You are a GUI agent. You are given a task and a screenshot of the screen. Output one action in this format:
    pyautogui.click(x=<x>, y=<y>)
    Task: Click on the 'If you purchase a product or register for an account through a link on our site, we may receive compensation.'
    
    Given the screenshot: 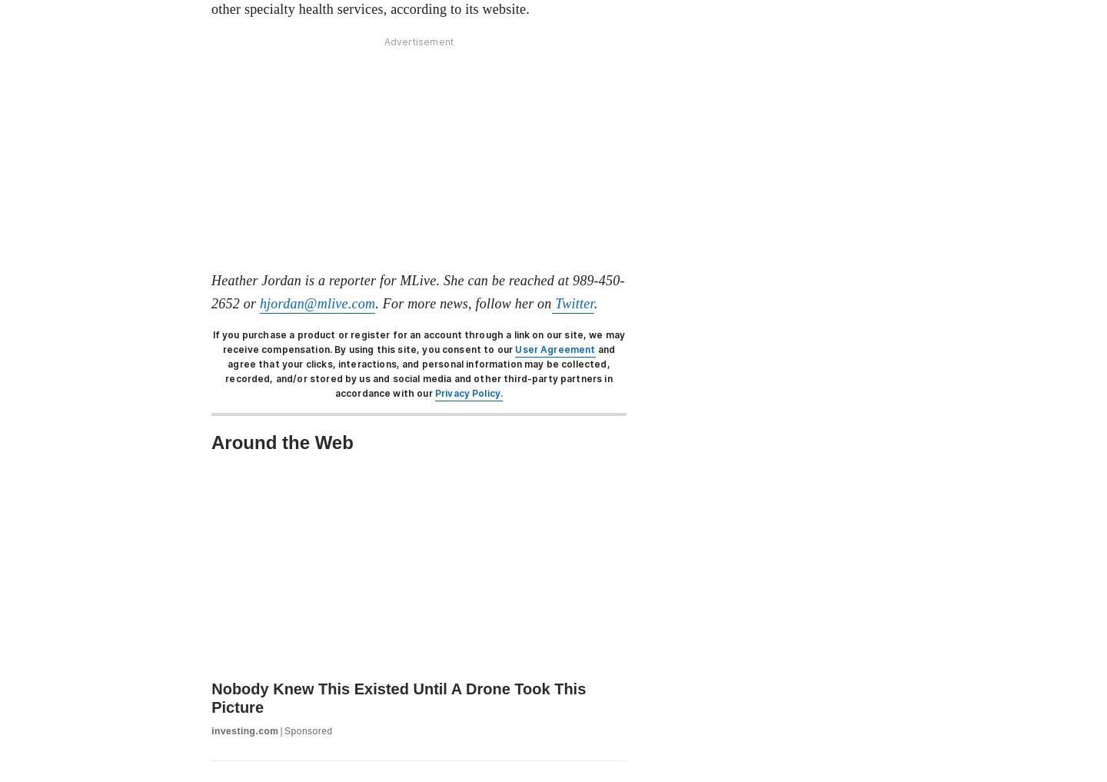 What is the action you would take?
    pyautogui.click(x=418, y=341)
    